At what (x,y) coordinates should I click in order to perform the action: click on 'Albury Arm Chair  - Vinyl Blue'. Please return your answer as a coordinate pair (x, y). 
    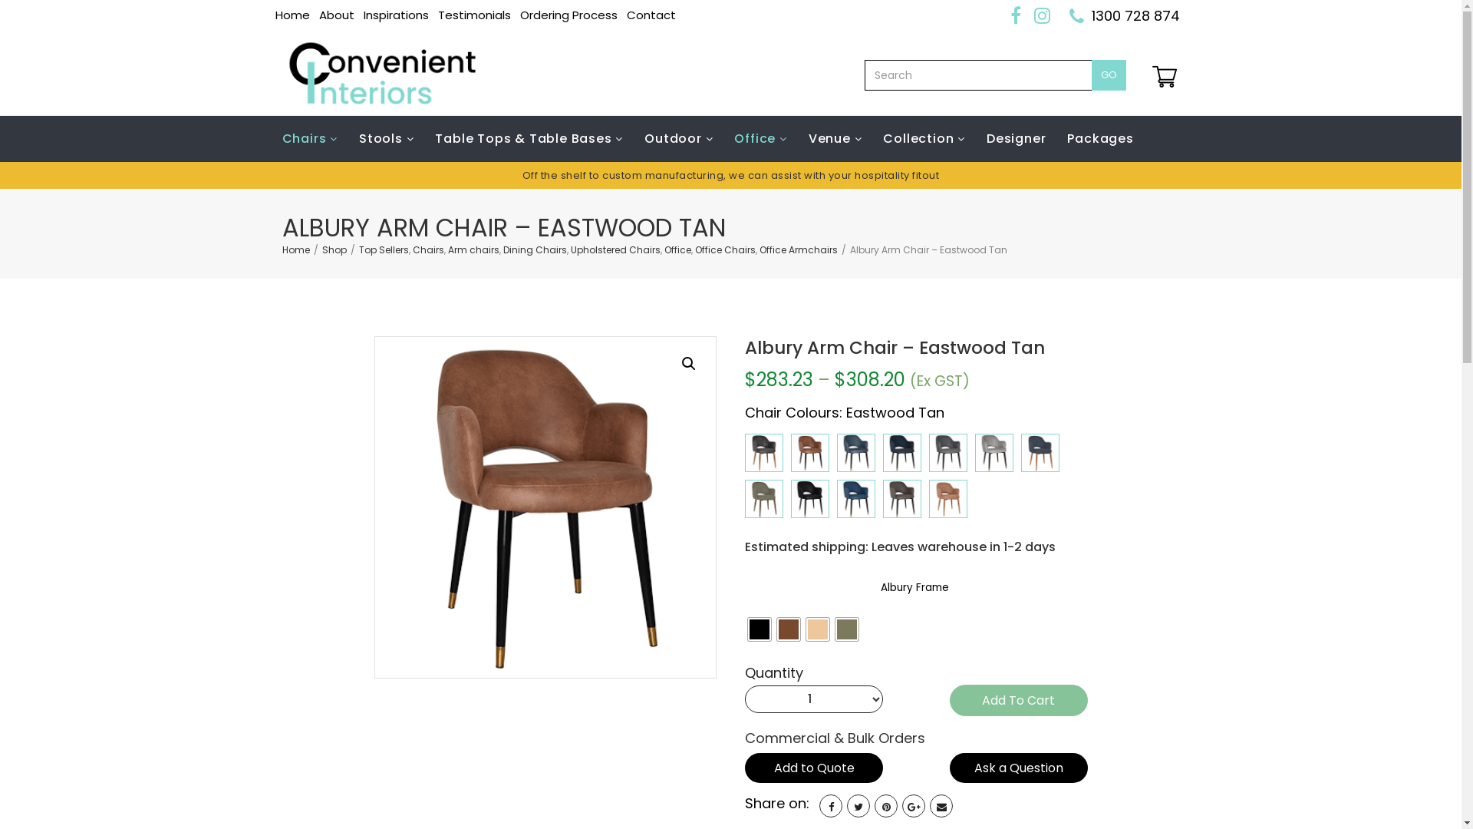
    Looking at the image, I should click on (855, 499).